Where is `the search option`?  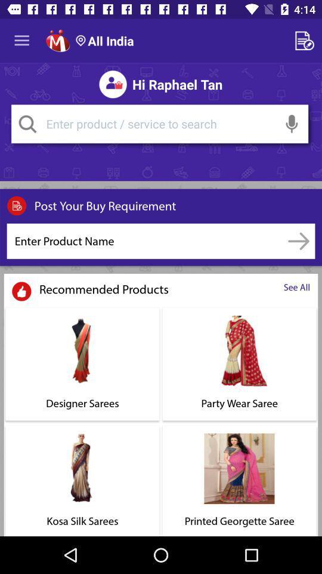
the search option is located at coordinates (159, 124).